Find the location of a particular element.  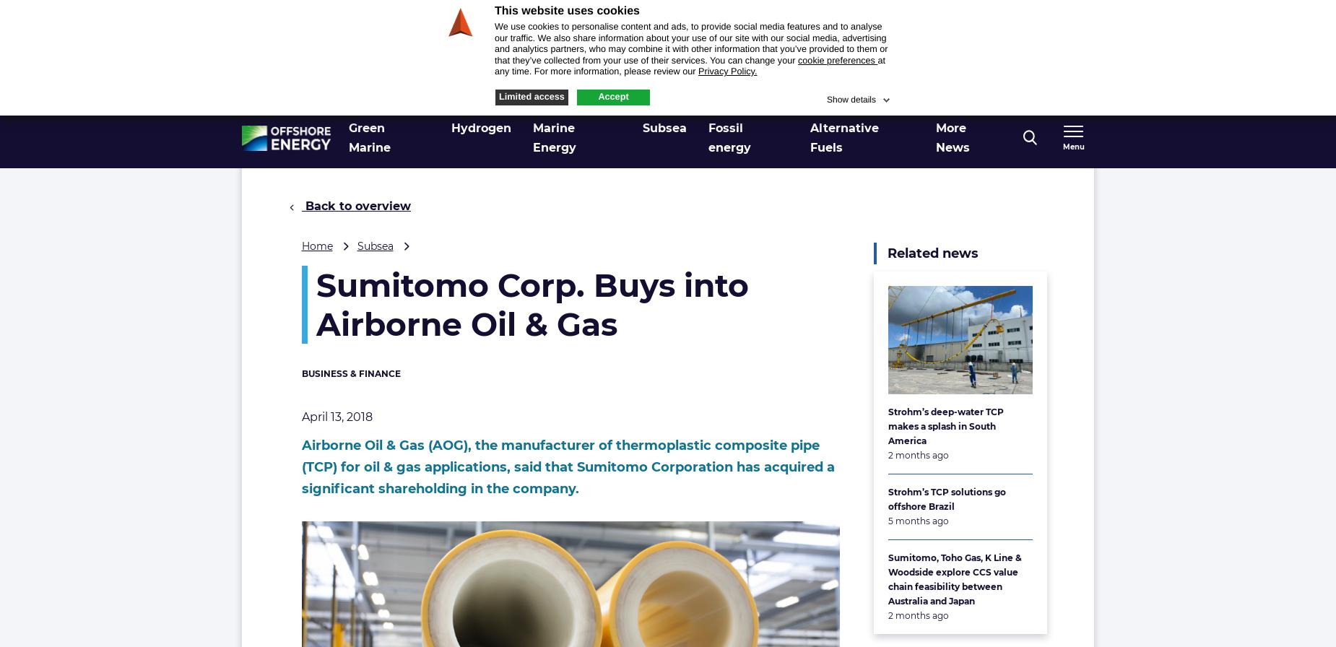

'We use cookies to personalise content and ads, to provide social media features and to analyse our traffic. We also share information about your use of our site with our social media, advertising and analytics partners, who may combine it with other information that you’ve provided to them or that they’ve collected from your use of their services. You can change your' is located at coordinates (690, 43).